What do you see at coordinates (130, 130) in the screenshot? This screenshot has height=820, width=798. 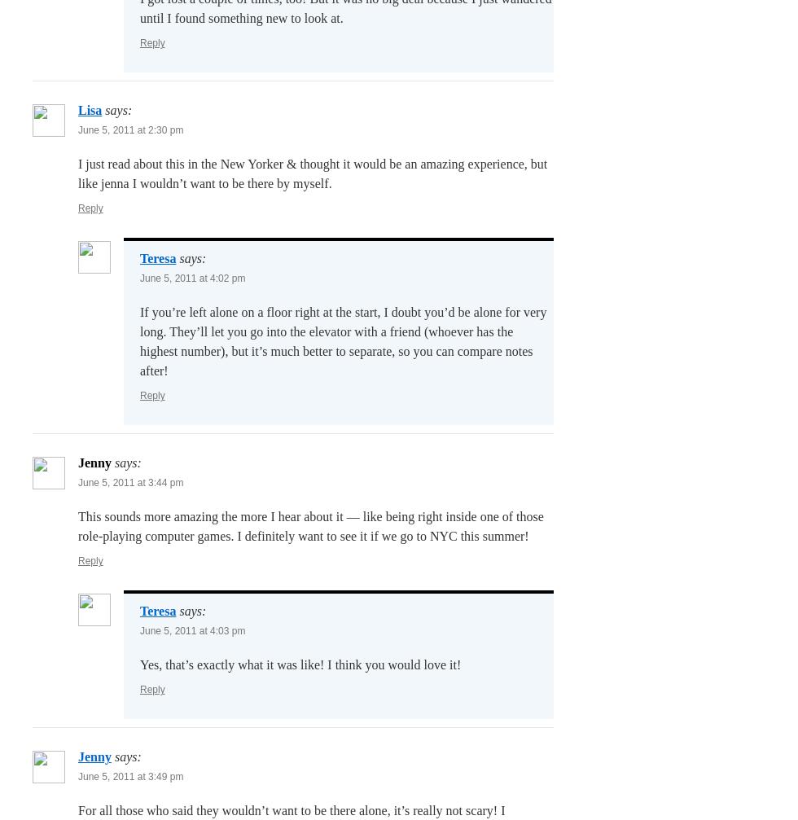 I see `'June 5, 2011 at 2:30 pm'` at bounding box center [130, 130].